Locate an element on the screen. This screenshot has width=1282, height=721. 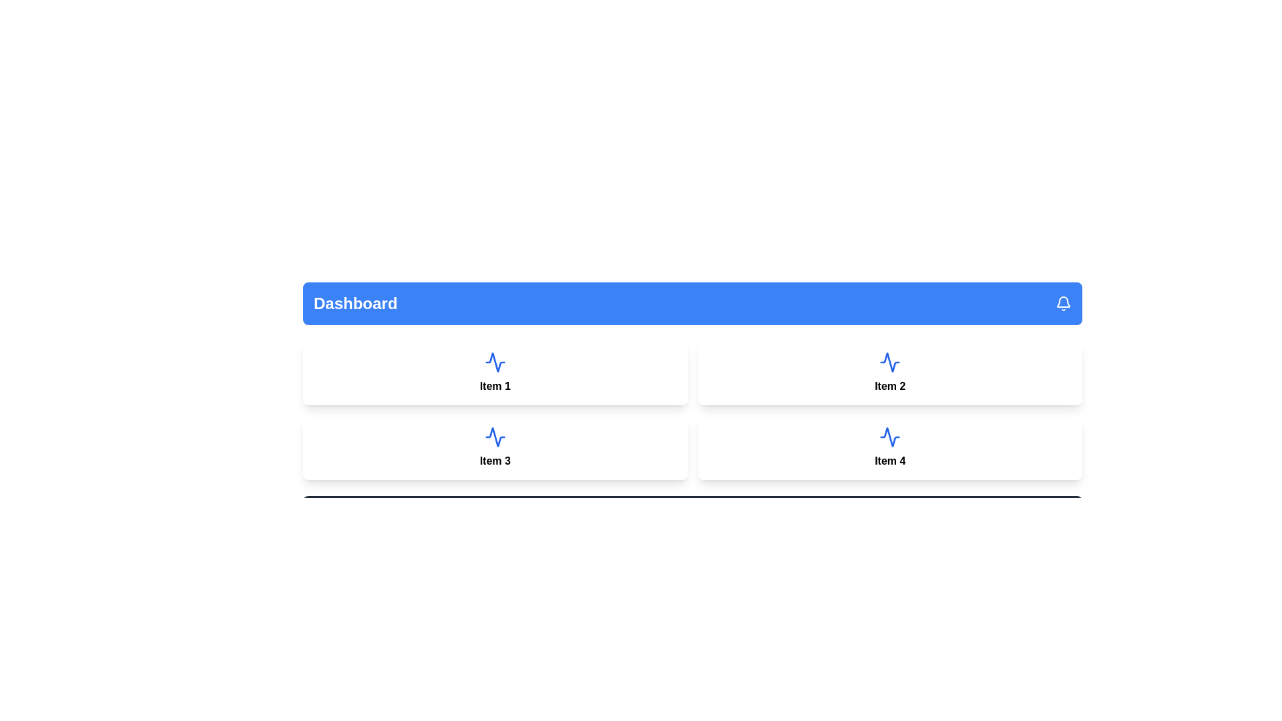
the 'Dashboard' text label, which is a bold, larger white text on a blue header background is located at coordinates (355, 304).